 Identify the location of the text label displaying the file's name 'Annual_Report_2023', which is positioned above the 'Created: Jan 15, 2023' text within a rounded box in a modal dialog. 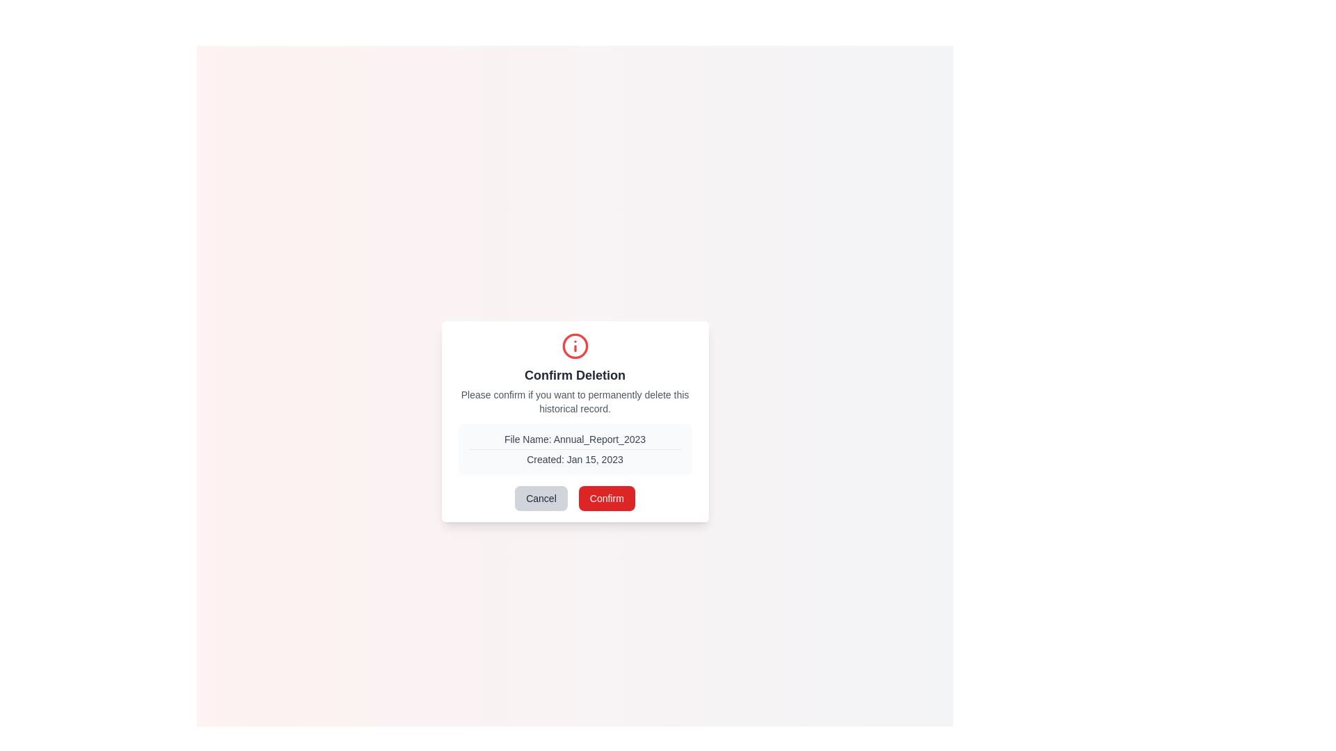
(575, 439).